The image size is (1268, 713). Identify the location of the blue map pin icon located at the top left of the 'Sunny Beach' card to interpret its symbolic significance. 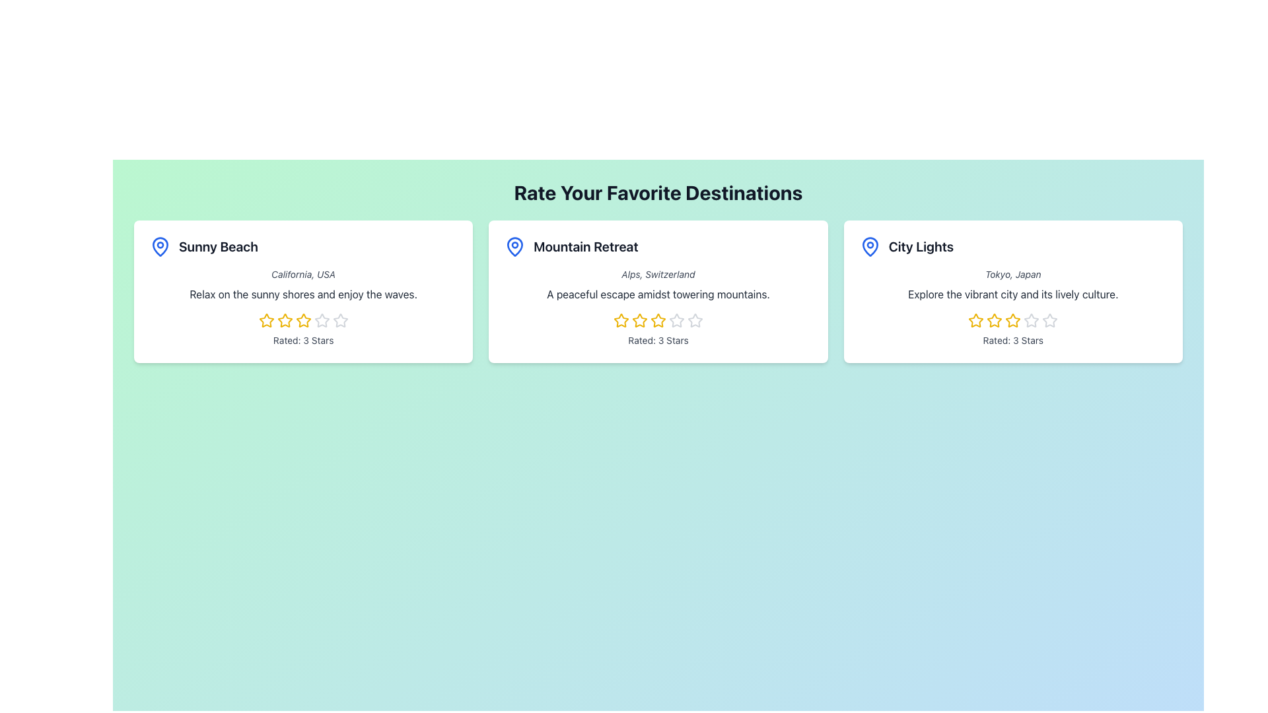
(160, 247).